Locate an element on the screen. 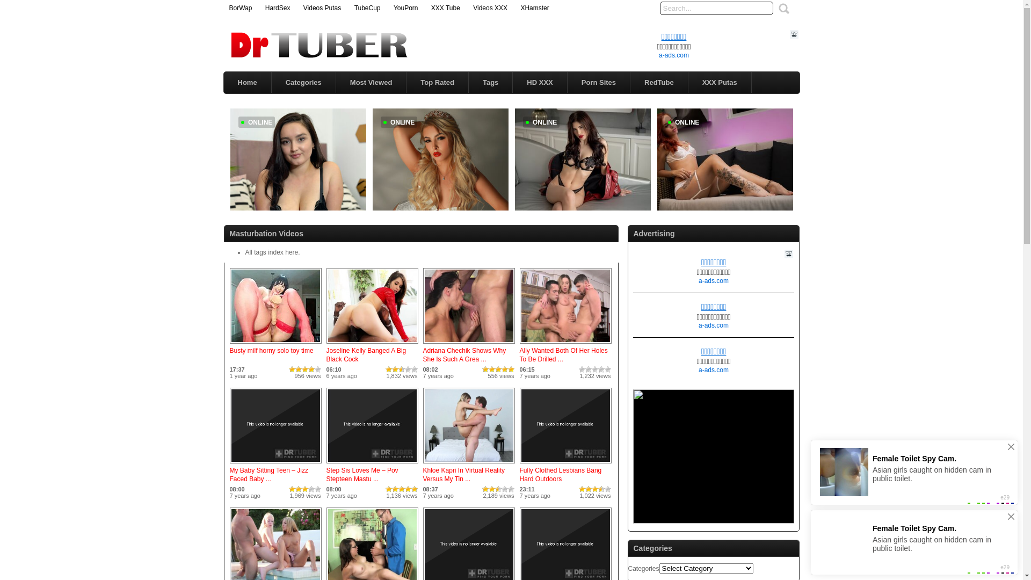 Image resolution: width=1031 pixels, height=580 pixels. '4 Stars' is located at coordinates (311, 368).